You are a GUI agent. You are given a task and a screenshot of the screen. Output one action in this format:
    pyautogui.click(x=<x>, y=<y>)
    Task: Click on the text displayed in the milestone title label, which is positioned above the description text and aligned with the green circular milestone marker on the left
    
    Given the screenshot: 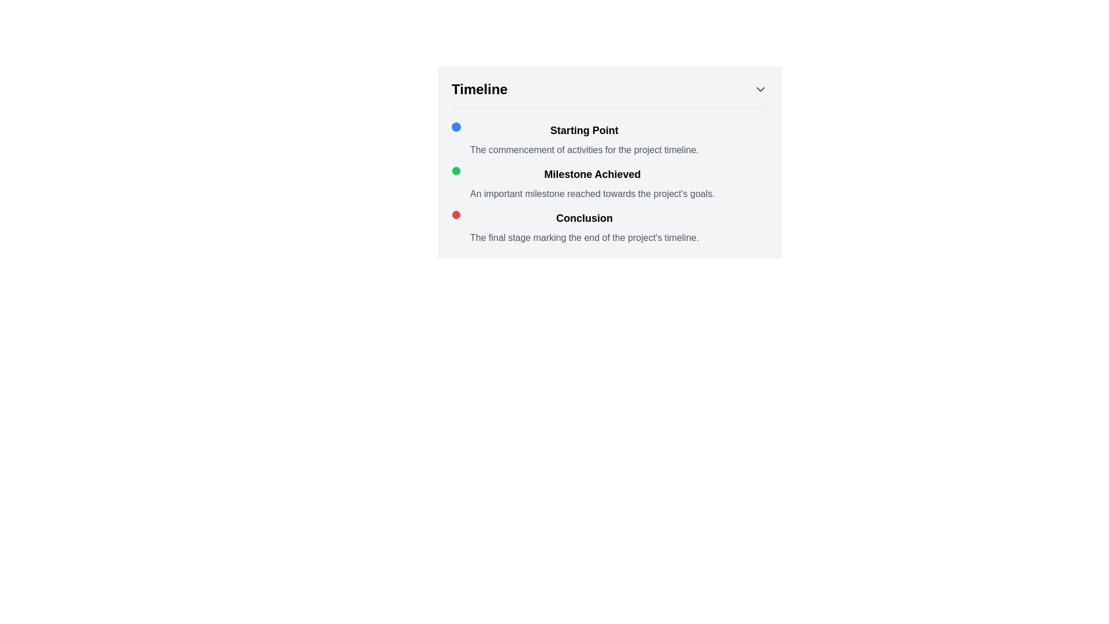 What is the action you would take?
    pyautogui.click(x=592, y=174)
    